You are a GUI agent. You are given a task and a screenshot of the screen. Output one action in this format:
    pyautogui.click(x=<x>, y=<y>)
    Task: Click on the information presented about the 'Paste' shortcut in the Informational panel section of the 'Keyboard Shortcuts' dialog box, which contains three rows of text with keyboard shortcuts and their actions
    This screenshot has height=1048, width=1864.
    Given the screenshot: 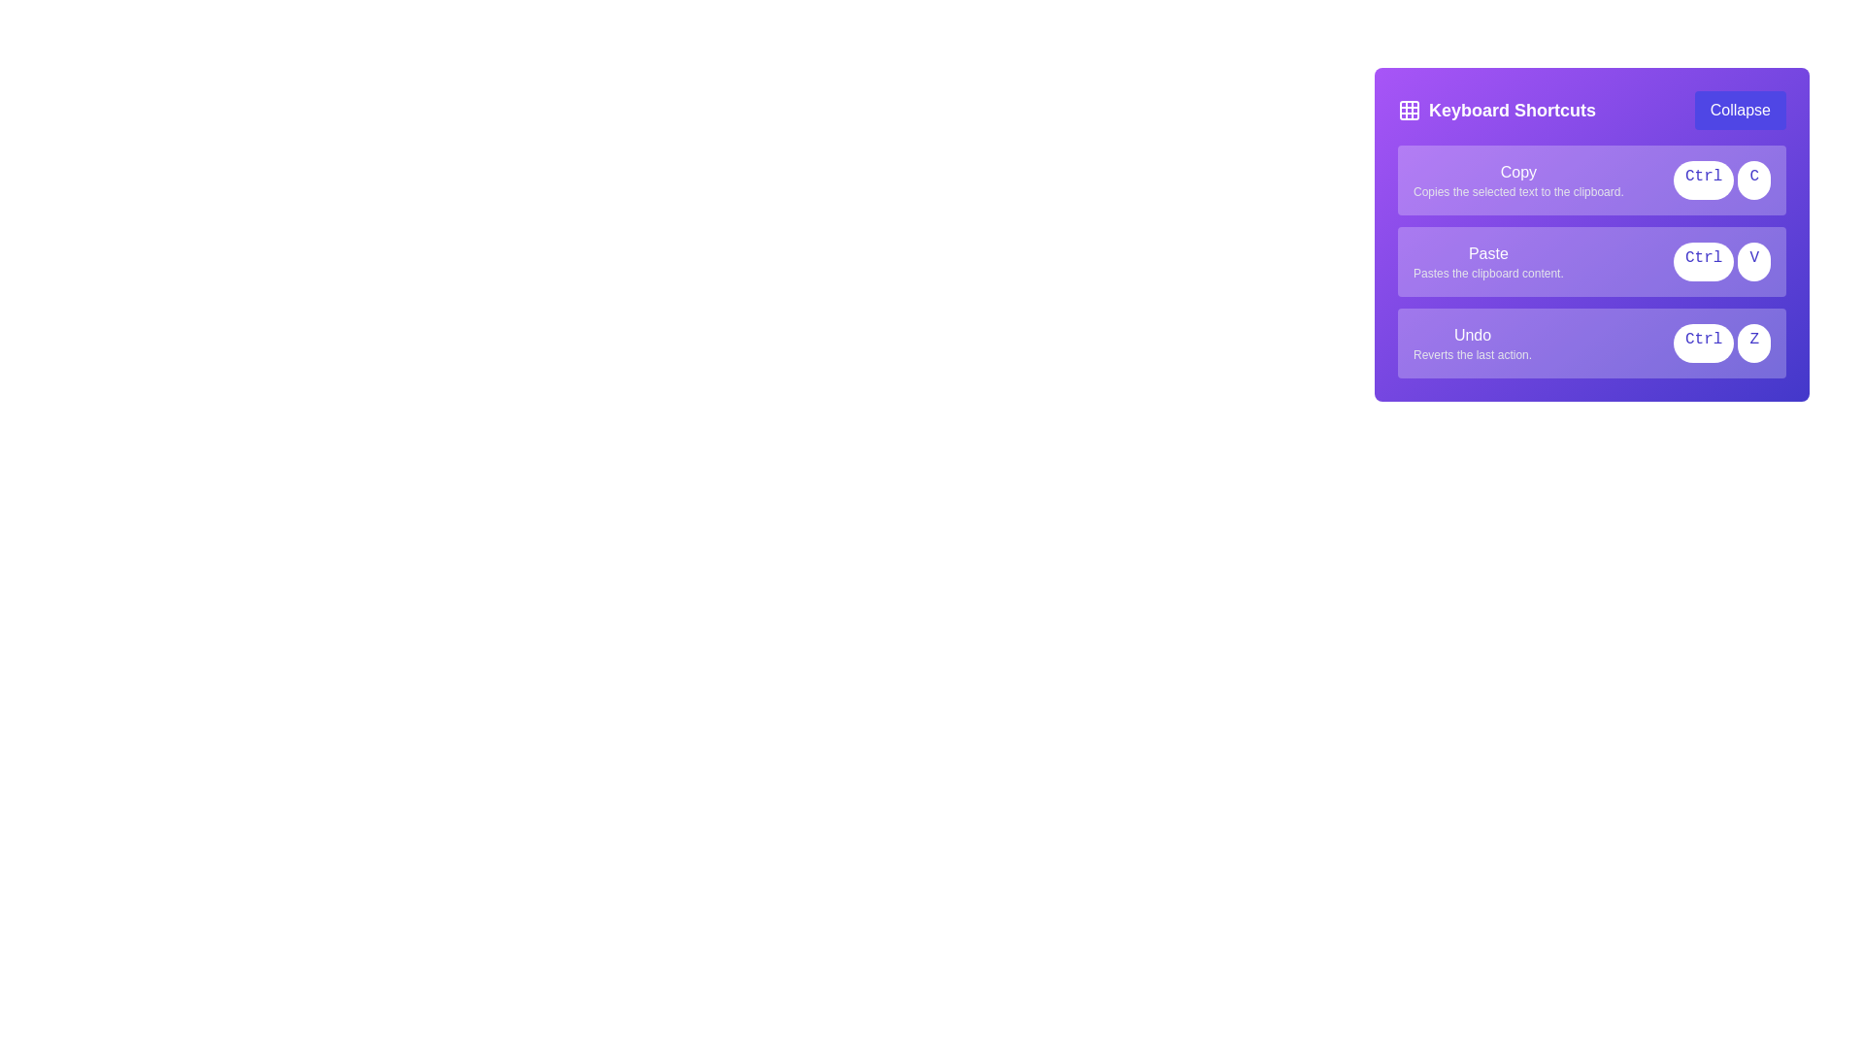 What is the action you would take?
    pyautogui.click(x=1592, y=234)
    